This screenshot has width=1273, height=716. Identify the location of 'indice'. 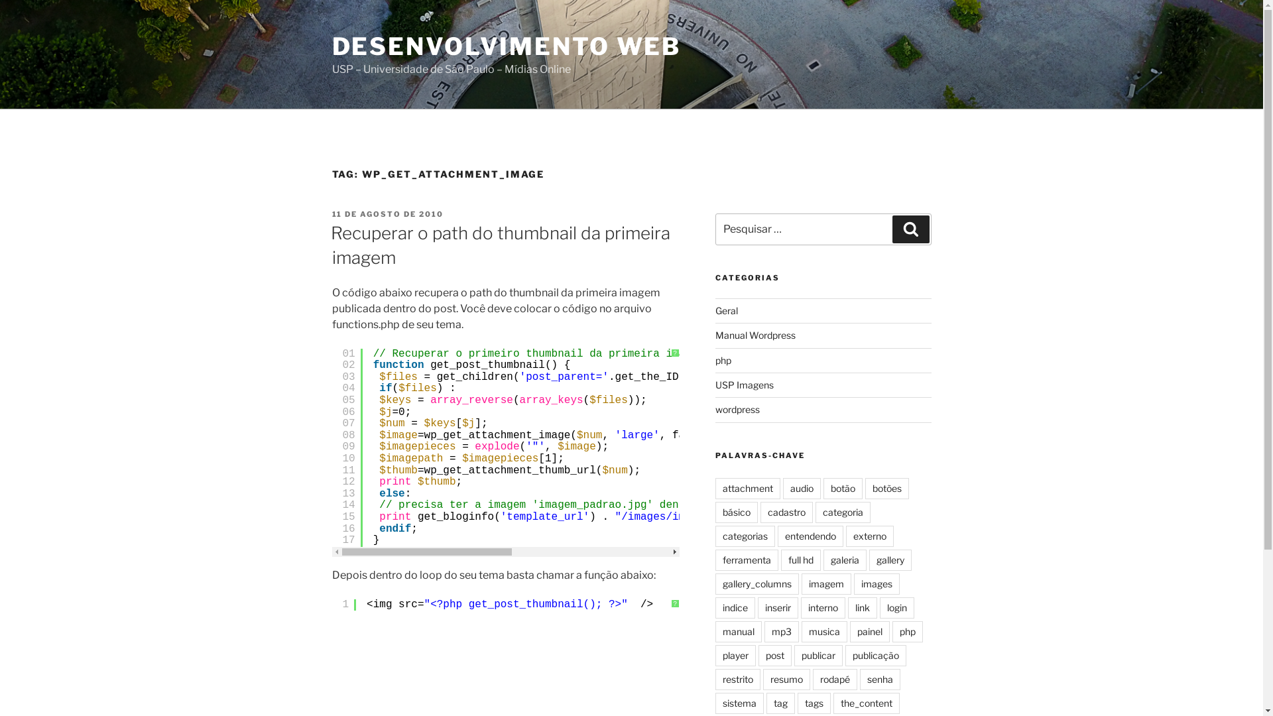
(734, 608).